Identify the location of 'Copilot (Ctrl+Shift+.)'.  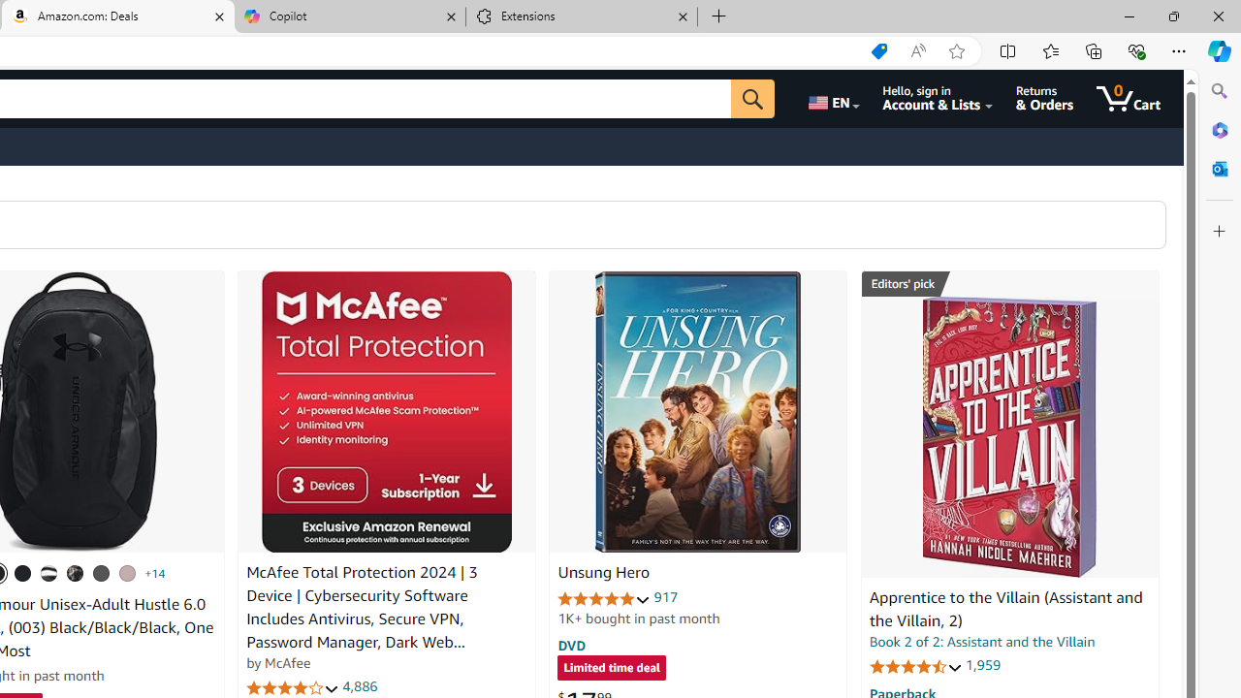
(1219, 49).